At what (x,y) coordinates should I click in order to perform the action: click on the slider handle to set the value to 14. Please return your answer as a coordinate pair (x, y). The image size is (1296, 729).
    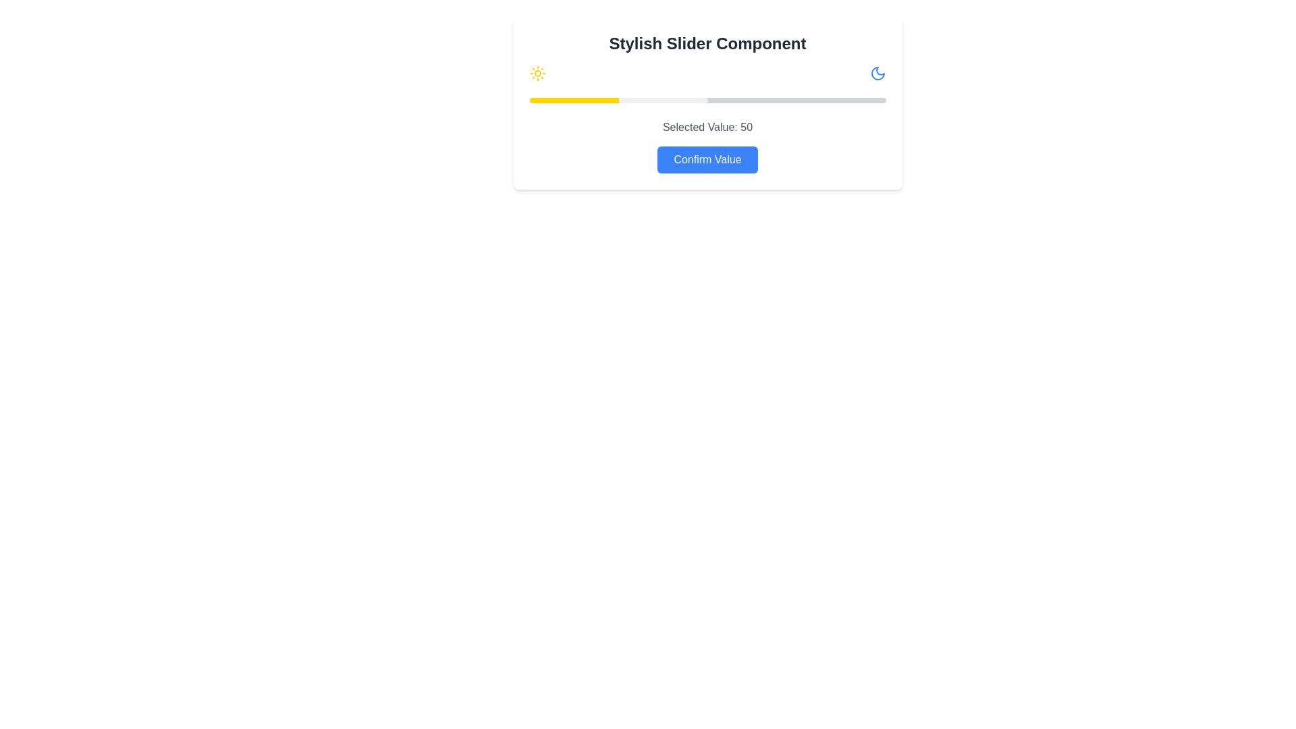
    Looking at the image, I should click on (579, 100).